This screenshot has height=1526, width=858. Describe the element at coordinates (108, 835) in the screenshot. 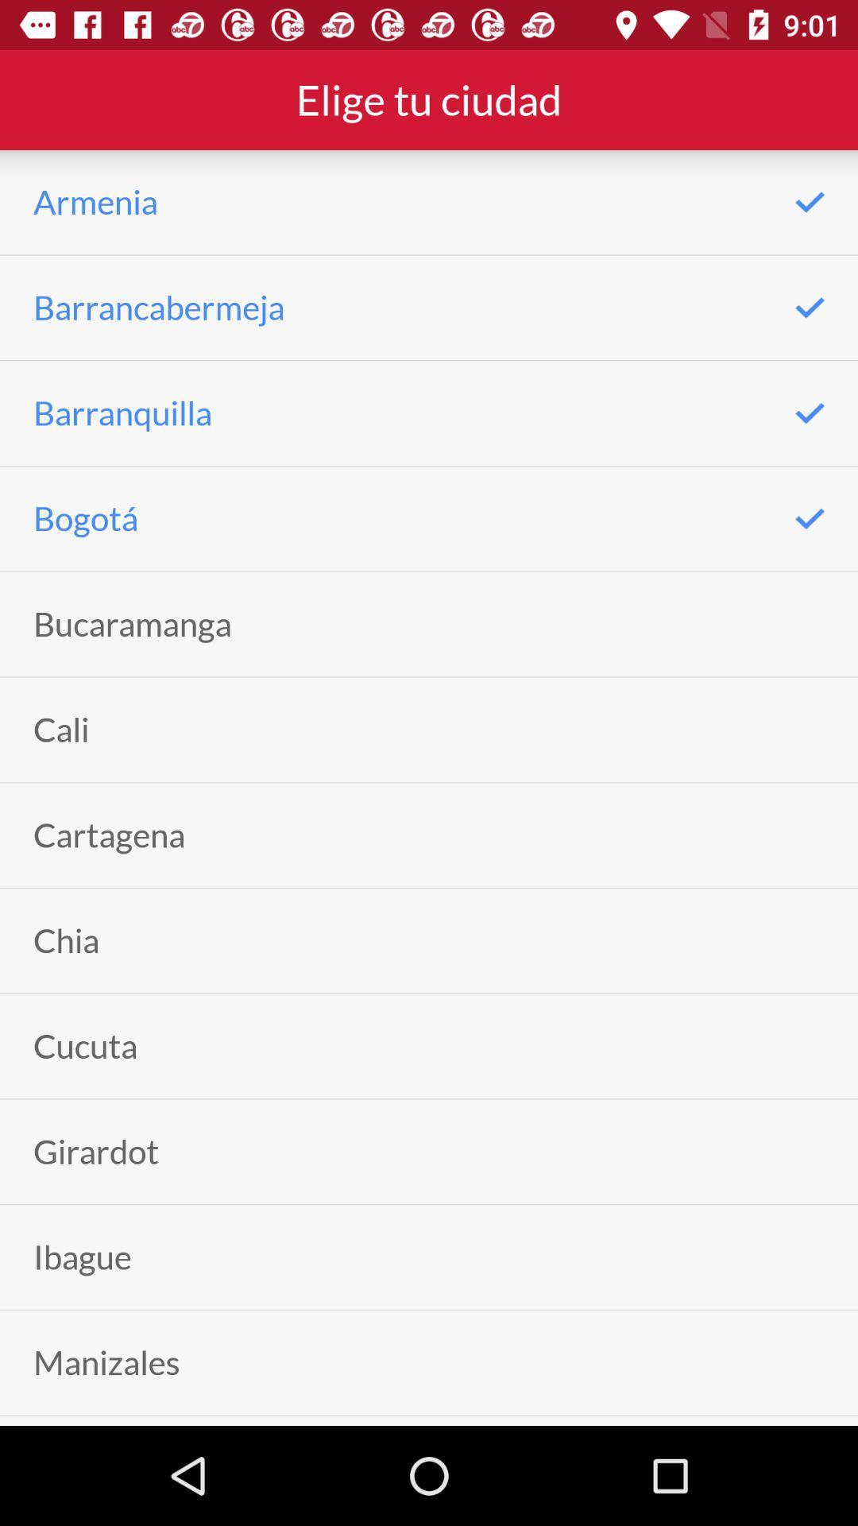

I see `icon below the cali icon` at that location.